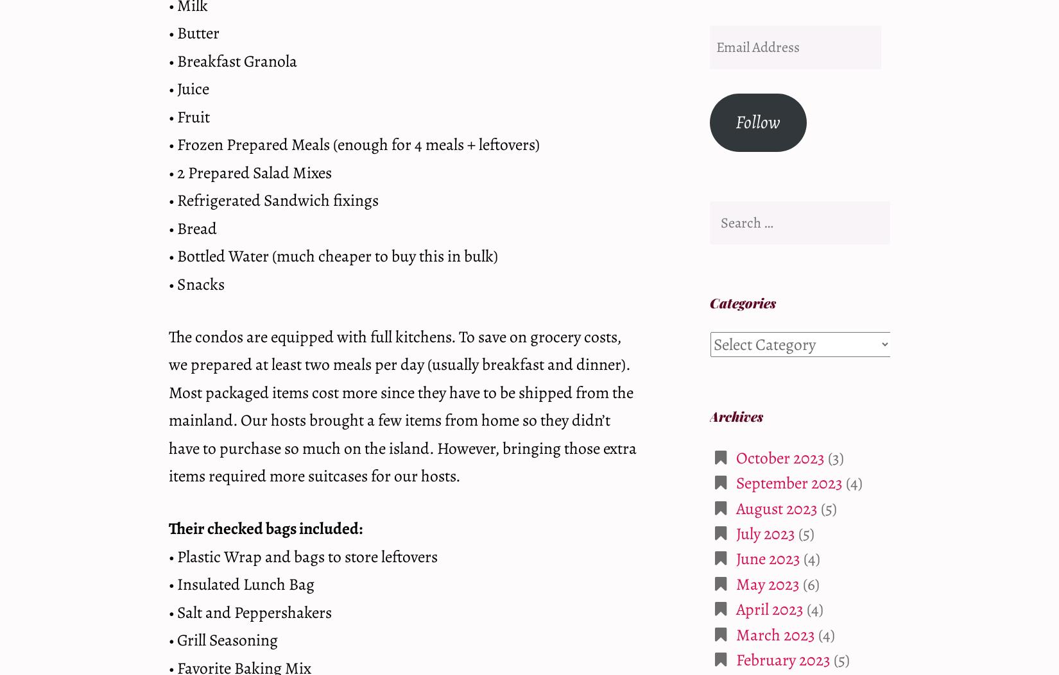  Describe the element at coordinates (758, 121) in the screenshot. I see `'Follow'` at that location.